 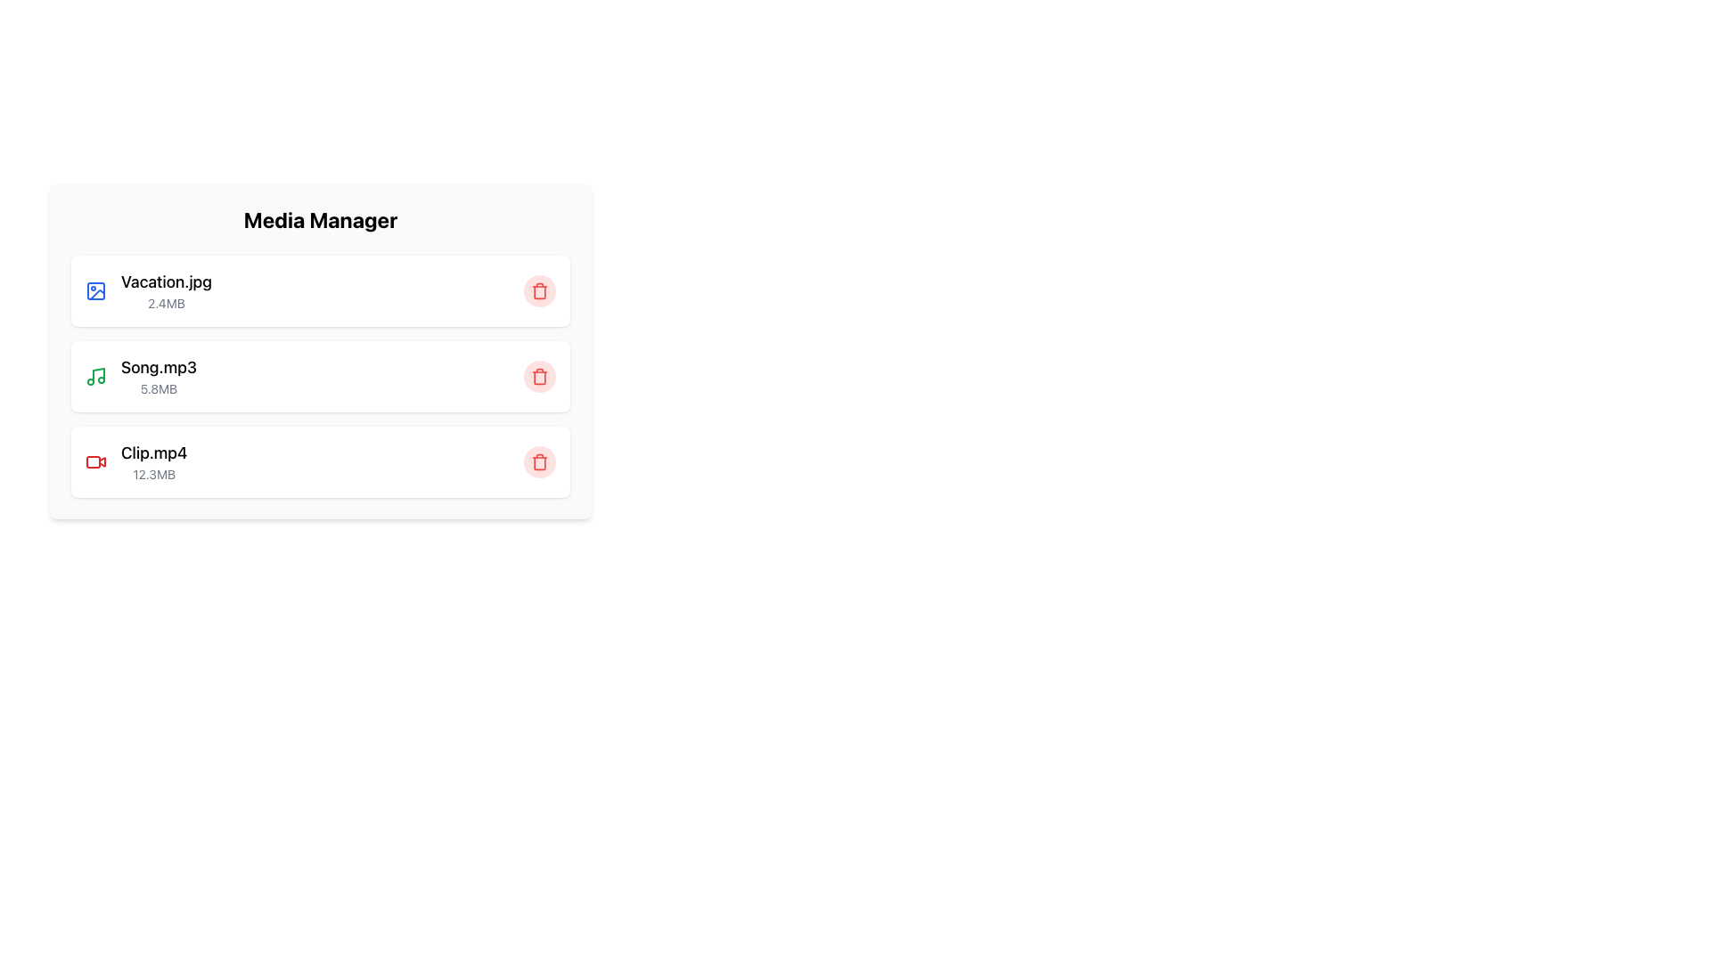 What do you see at coordinates (154, 452) in the screenshot?
I see `text label that displays 'Clip.mp4', which is styled as bold and serves as the title for the last file entry in a file management interface` at bounding box center [154, 452].